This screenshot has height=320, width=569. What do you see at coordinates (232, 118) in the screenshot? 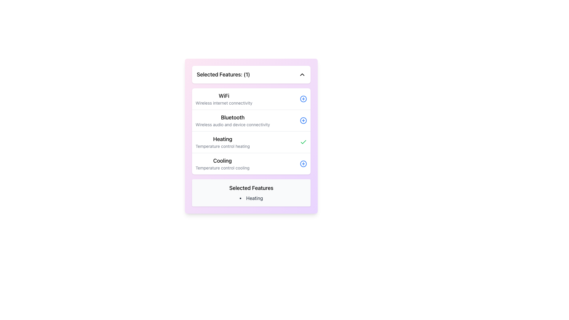
I see `feature label associated with the bold text label 'Bluetooth' which is the second item in a vertical list layout` at bounding box center [232, 118].